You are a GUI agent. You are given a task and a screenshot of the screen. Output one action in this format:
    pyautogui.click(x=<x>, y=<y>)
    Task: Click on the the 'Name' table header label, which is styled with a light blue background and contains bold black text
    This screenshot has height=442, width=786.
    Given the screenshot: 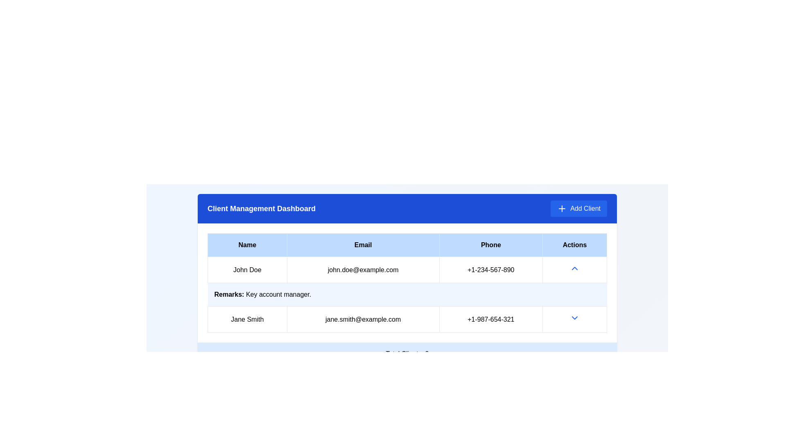 What is the action you would take?
    pyautogui.click(x=247, y=244)
    